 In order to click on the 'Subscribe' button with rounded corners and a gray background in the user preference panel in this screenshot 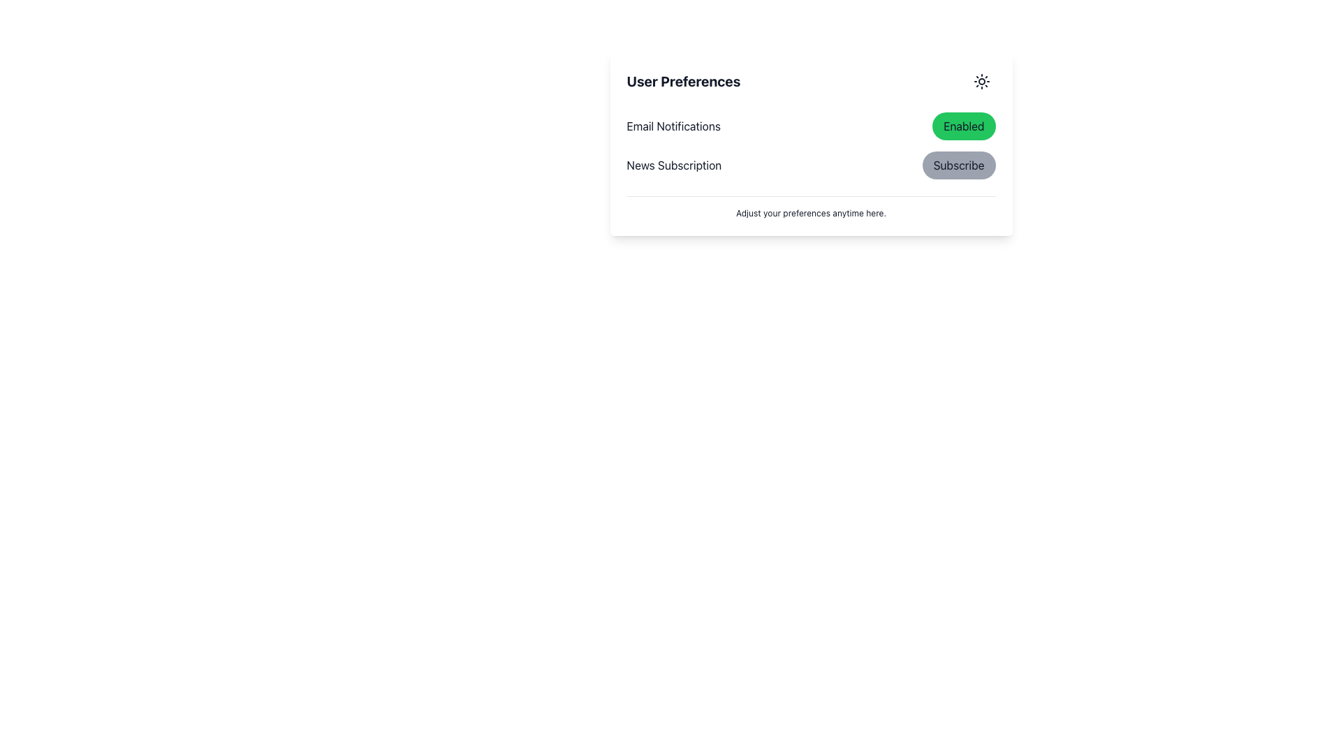, I will do `click(958, 164)`.